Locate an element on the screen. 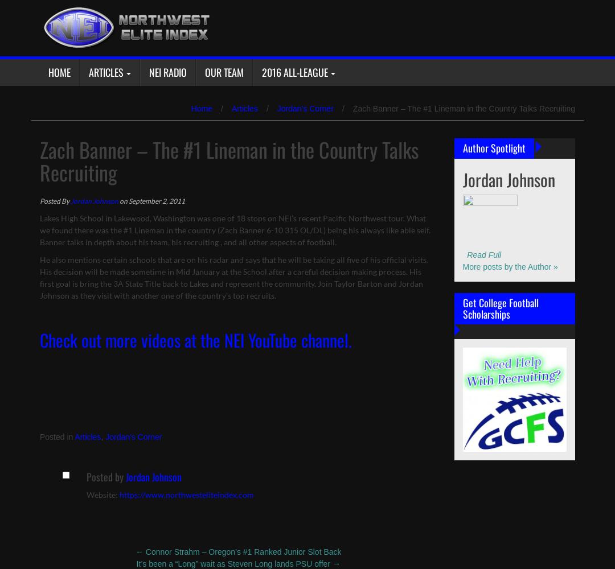  ',' is located at coordinates (103, 437).